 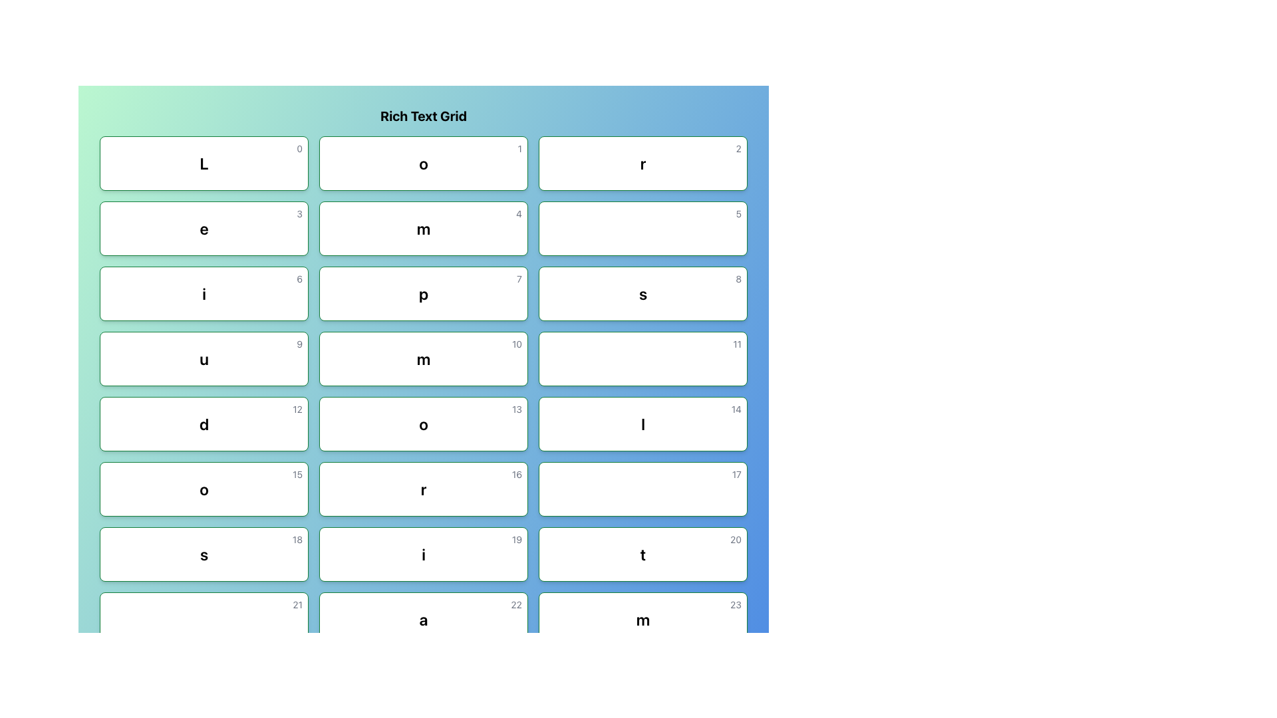 What do you see at coordinates (204, 359) in the screenshot?
I see `the text label displaying a single character in the grid layout, located at the center of a card towards the top-left` at bounding box center [204, 359].